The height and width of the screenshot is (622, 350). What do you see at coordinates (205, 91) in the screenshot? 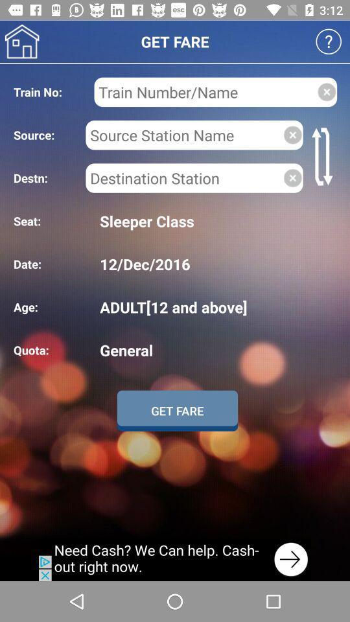
I see `prompts for train number` at bounding box center [205, 91].